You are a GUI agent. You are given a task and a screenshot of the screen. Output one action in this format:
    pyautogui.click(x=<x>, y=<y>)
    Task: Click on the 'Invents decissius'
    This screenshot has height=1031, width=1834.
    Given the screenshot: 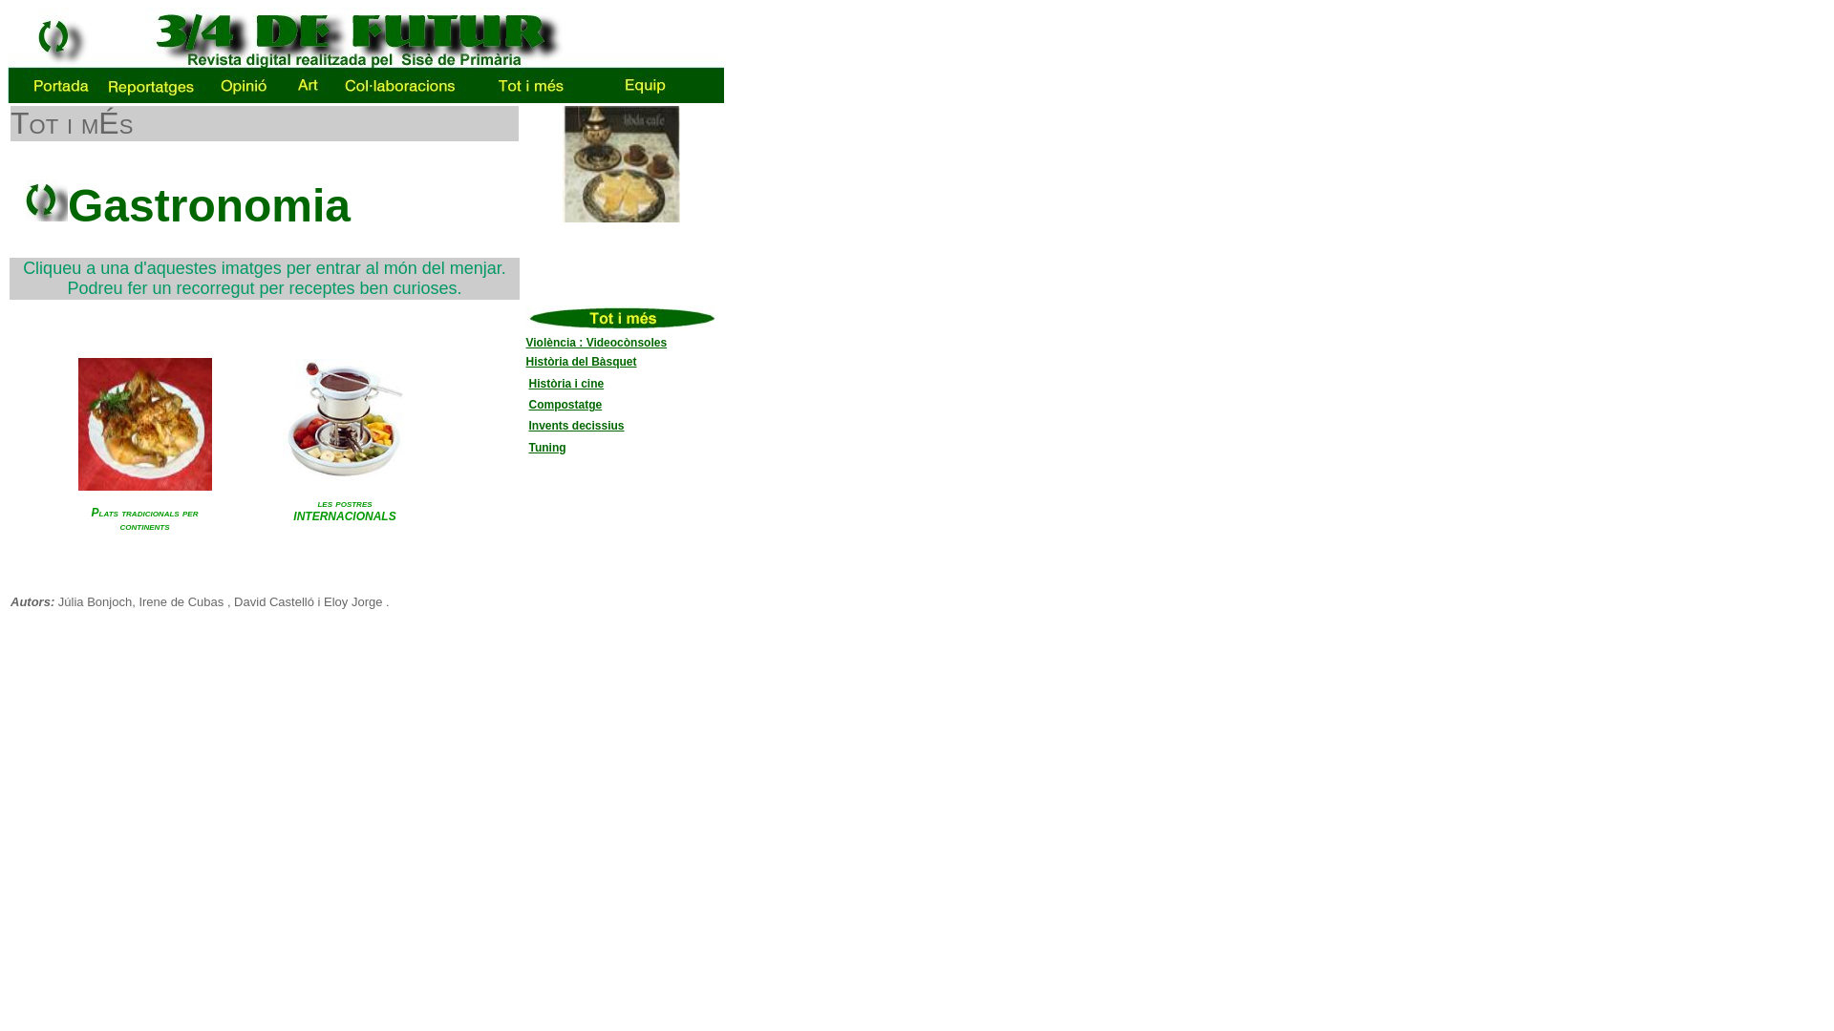 What is the action you would take?
    pyautogui.click(x=528, y=425)
    